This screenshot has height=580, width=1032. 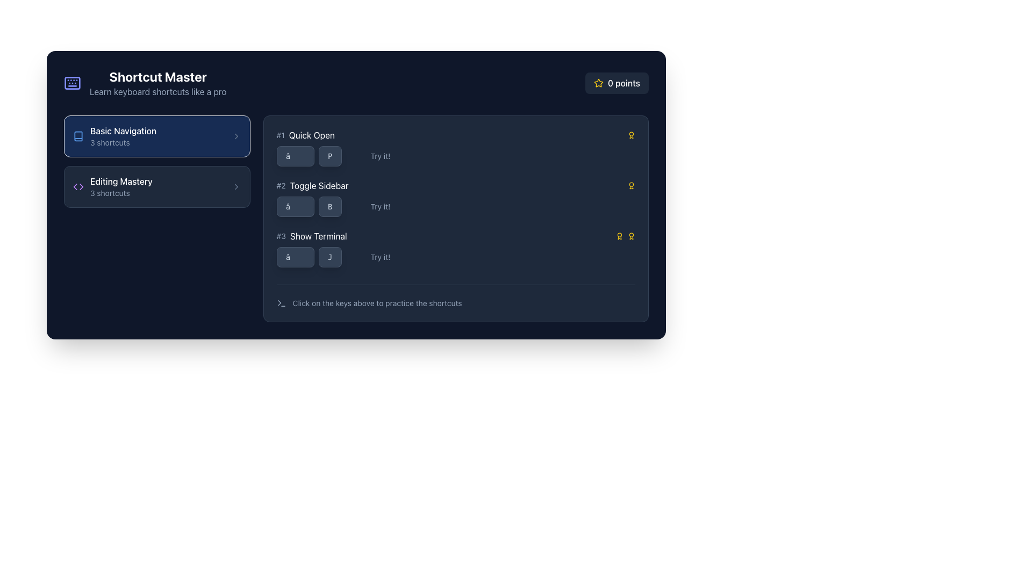 What do you see at coordinates (77, 136) in the screenshot?
I see `the icon representing the 'Basic Navigation' section located in the left menu panel, aligned vertically at the top` at bounding box center [77, 136].